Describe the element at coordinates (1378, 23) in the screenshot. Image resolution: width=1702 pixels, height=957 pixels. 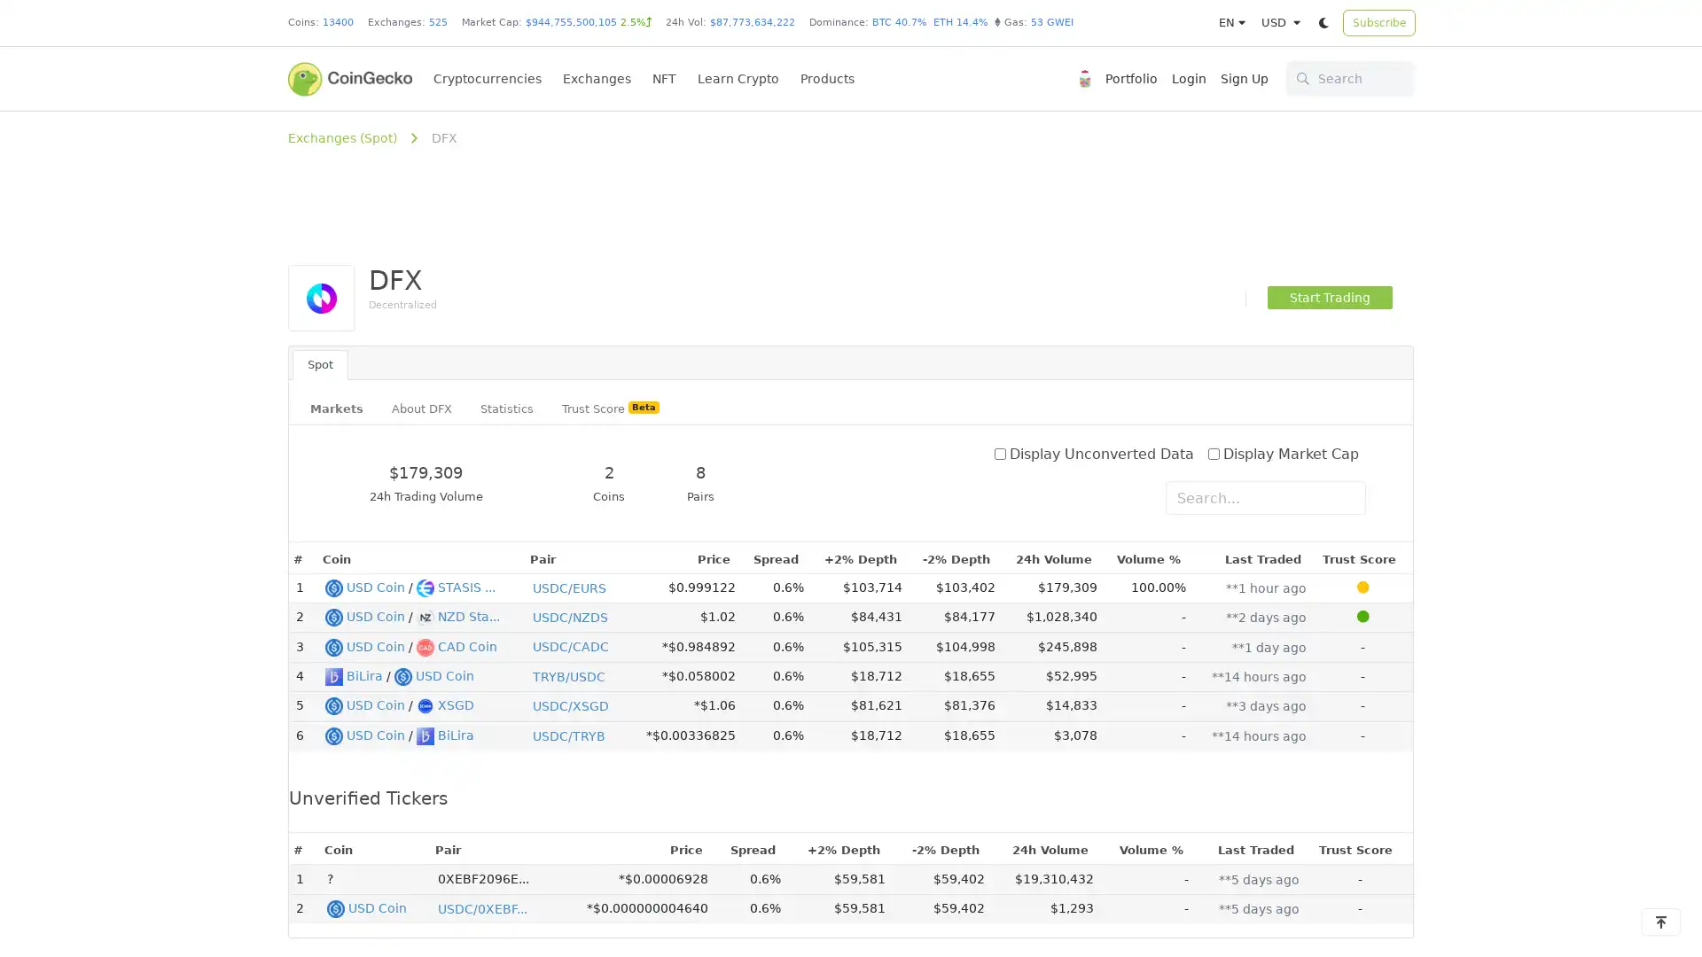
I see `Subscribe` at that location.